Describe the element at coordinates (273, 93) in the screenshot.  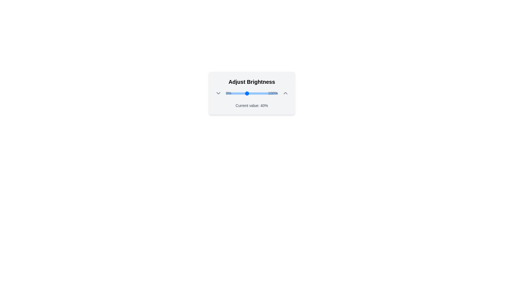
I see `the Text Label indicating the maximum possible value (100%) for the brightness adjustment slider, located at the far right end of the brightness adjustment bar` at that location.